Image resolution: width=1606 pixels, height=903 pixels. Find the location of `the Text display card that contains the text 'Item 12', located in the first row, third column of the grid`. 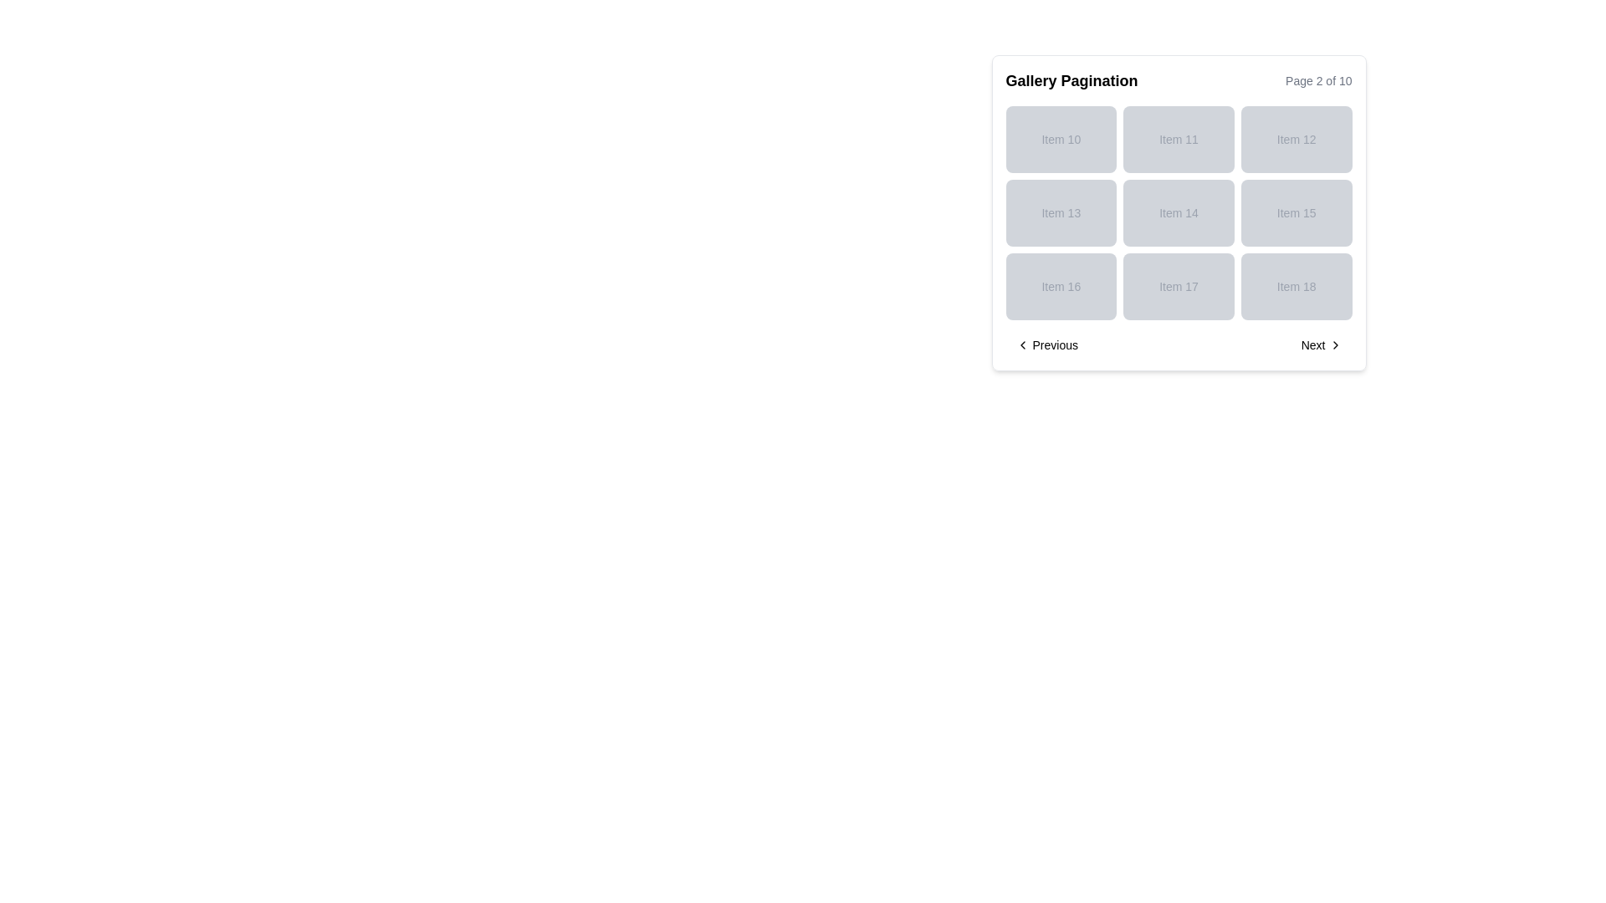

the Text display card that contains the text 'Item 12', located in the first row, third column of the grid is located at coordinates (1296, 138).